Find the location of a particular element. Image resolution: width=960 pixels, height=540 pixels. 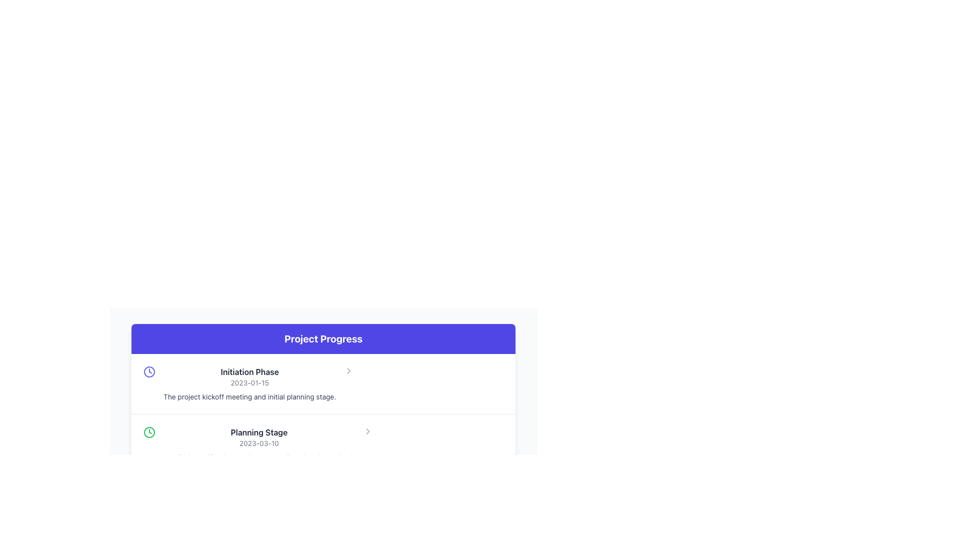

the navigational icon located in the right-hand section of the 'Initiation Phase' list item is located at coordinates (349, 370).